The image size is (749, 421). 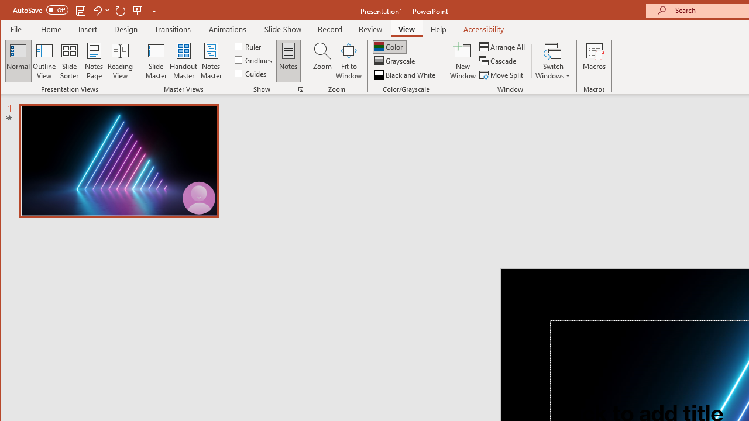 I want to click on 'Black and White', so click(x=406, y=75).